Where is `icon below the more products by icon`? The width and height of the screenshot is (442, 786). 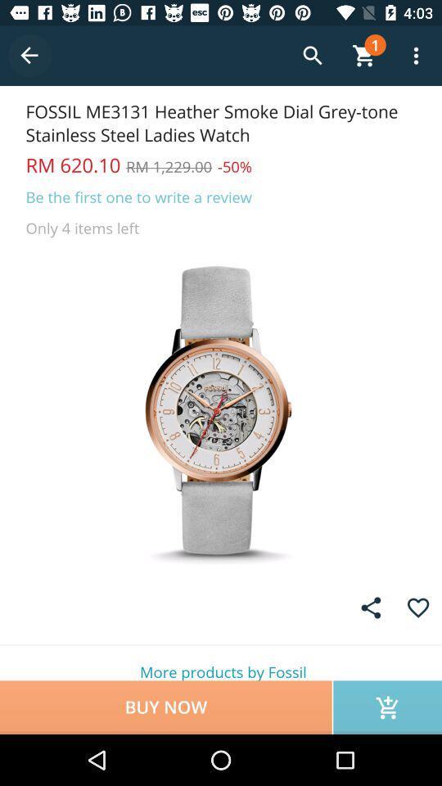 icon below the more products by icon is located at coordinates (165, 707).